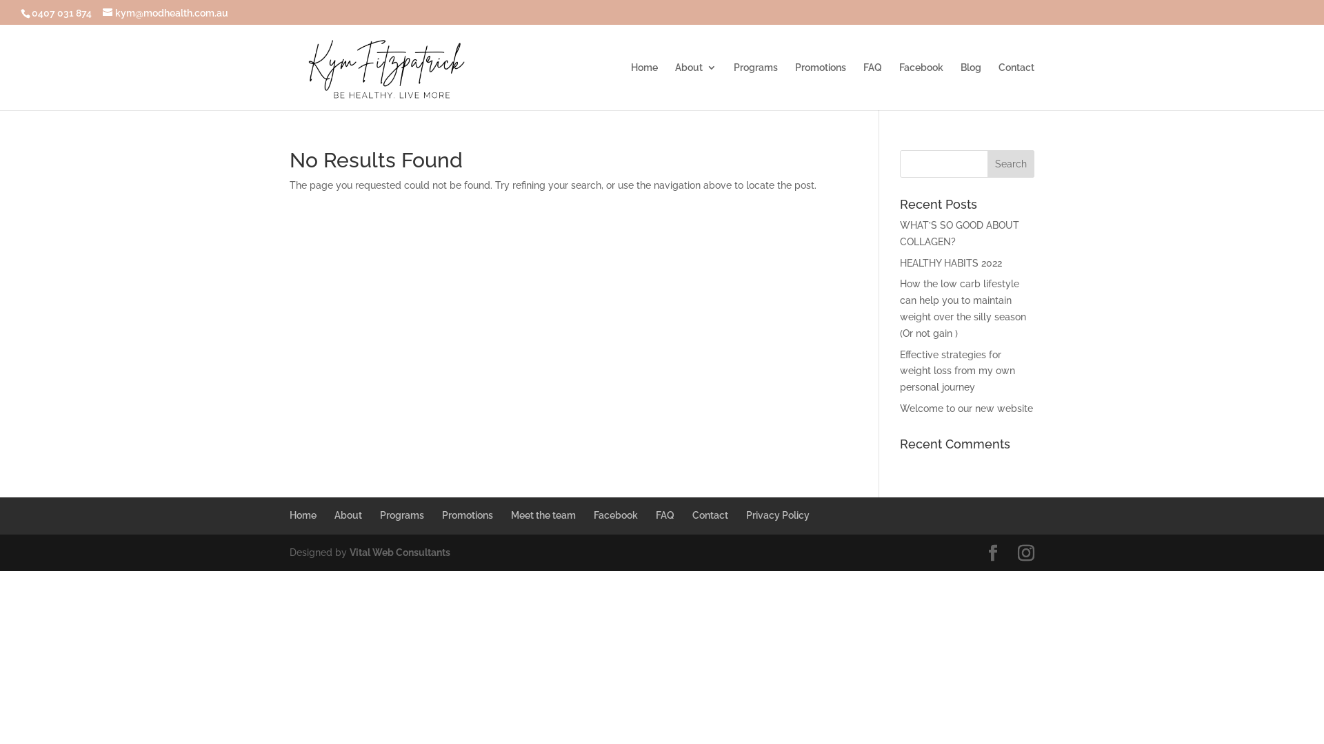  What do you see at coordinates (1010, 163) in the screenshot?
I see `'Search'` at bounding box center [1010, 163].